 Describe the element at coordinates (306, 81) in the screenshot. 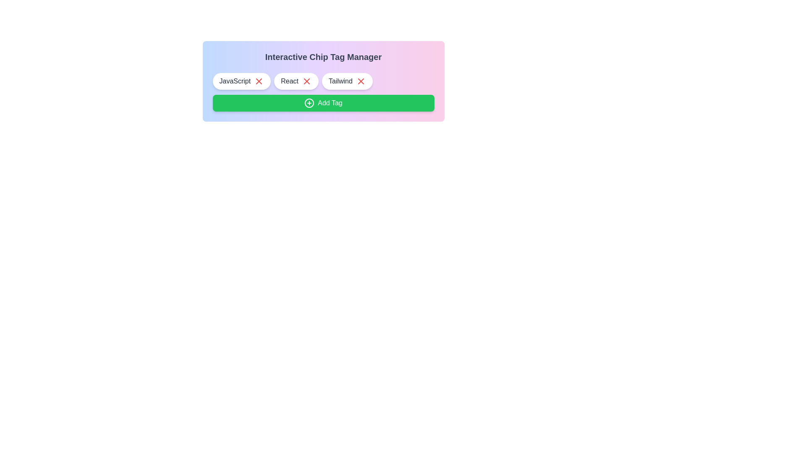

I see `the close button of the tag labeled React to remove it` at that location.